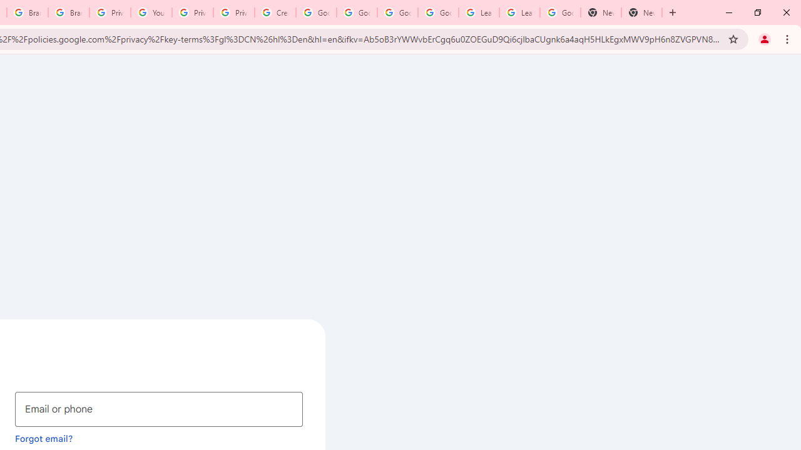 The width and height of the screenshot is (801, 450). I want to click on 'New Tab', so click(641, 12).